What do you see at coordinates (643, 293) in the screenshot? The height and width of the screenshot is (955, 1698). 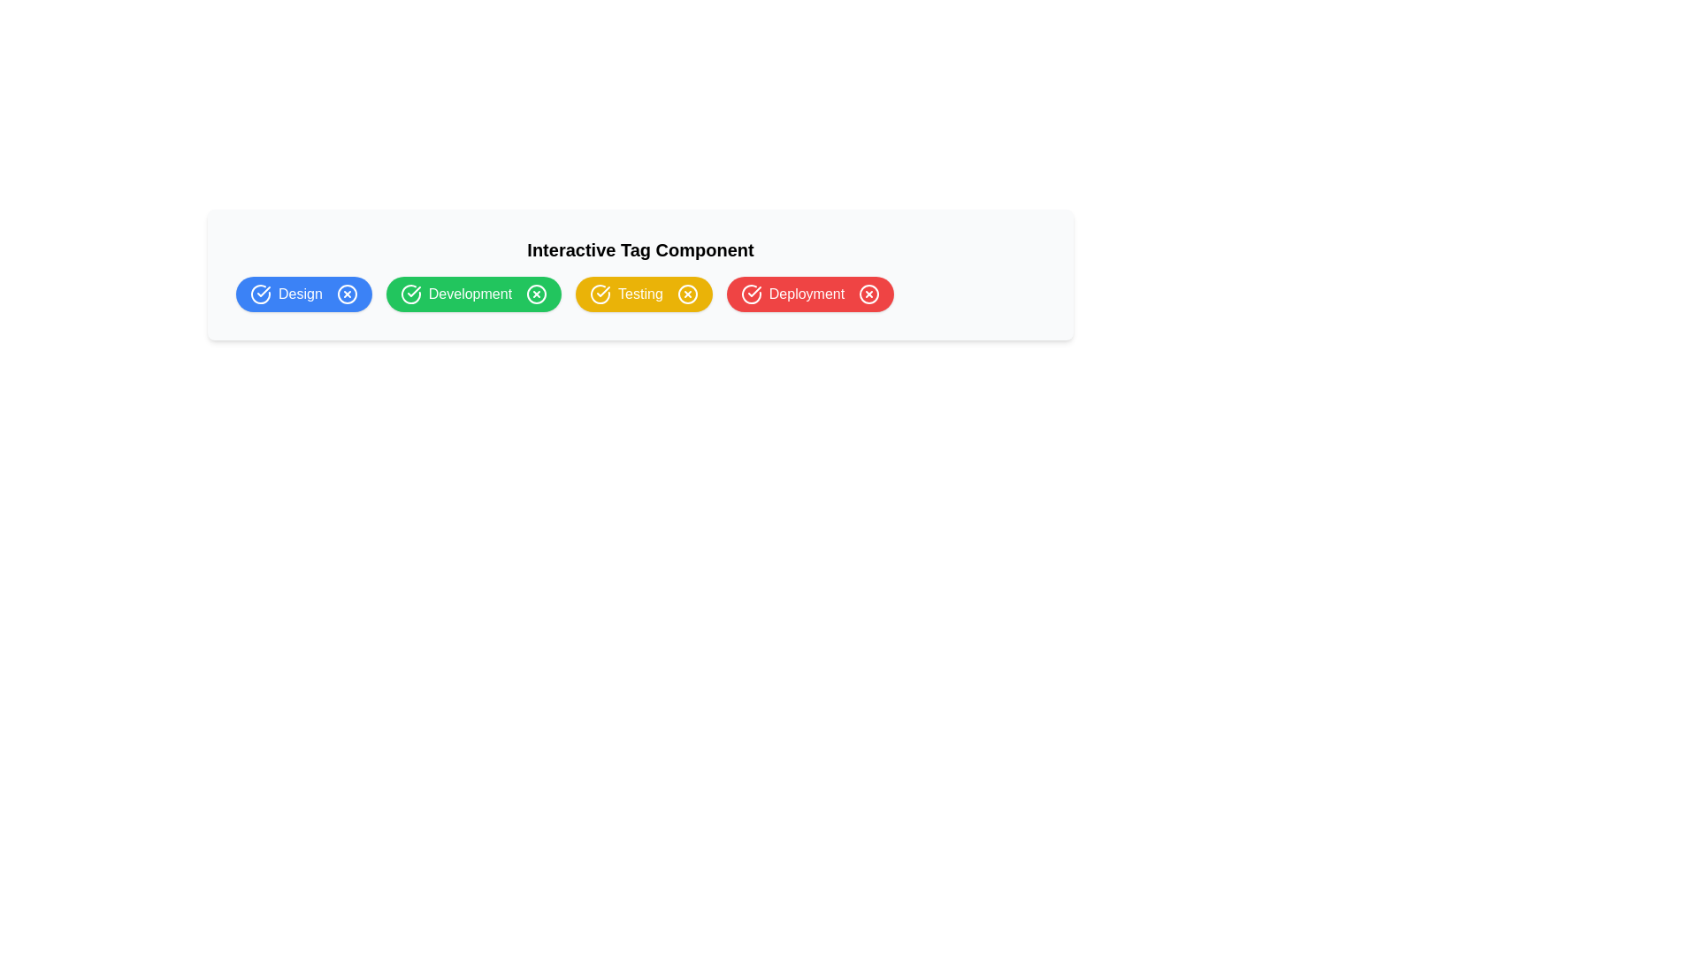 I see `the third button in a group that indicates the status 'Testing', located between the 'Development' button and the 'Deployment' button` at bounding box center [643, 293].